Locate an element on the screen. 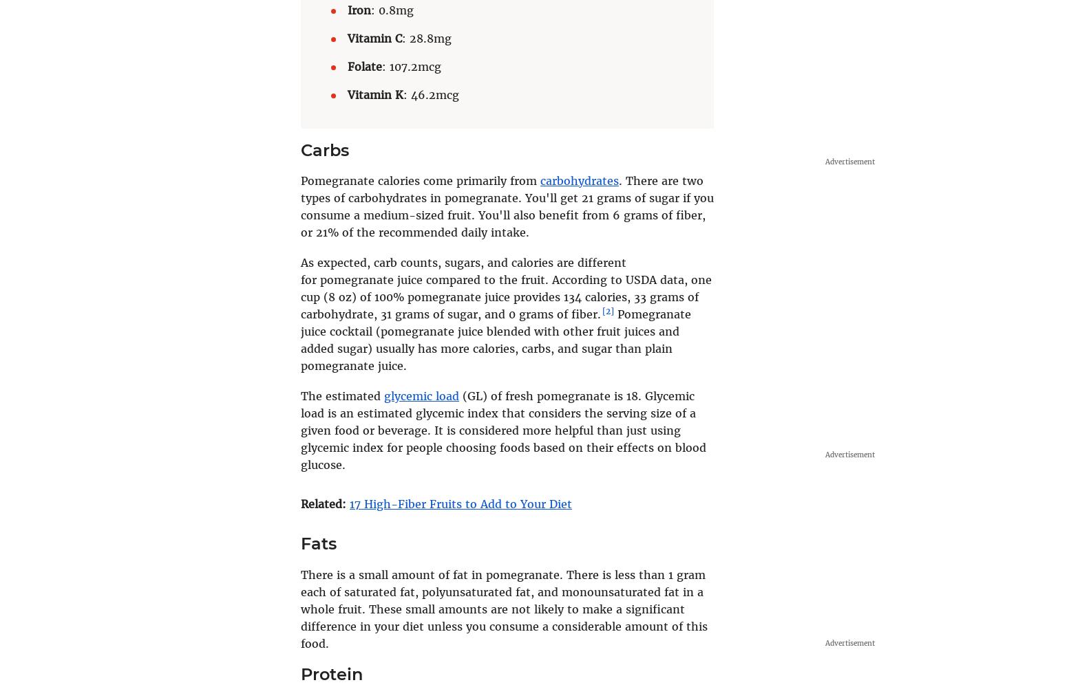 The height and width of the screenshot is (687, 1067). 'Pomegranate calories come primarily from' is located at coordinates (421, 180).